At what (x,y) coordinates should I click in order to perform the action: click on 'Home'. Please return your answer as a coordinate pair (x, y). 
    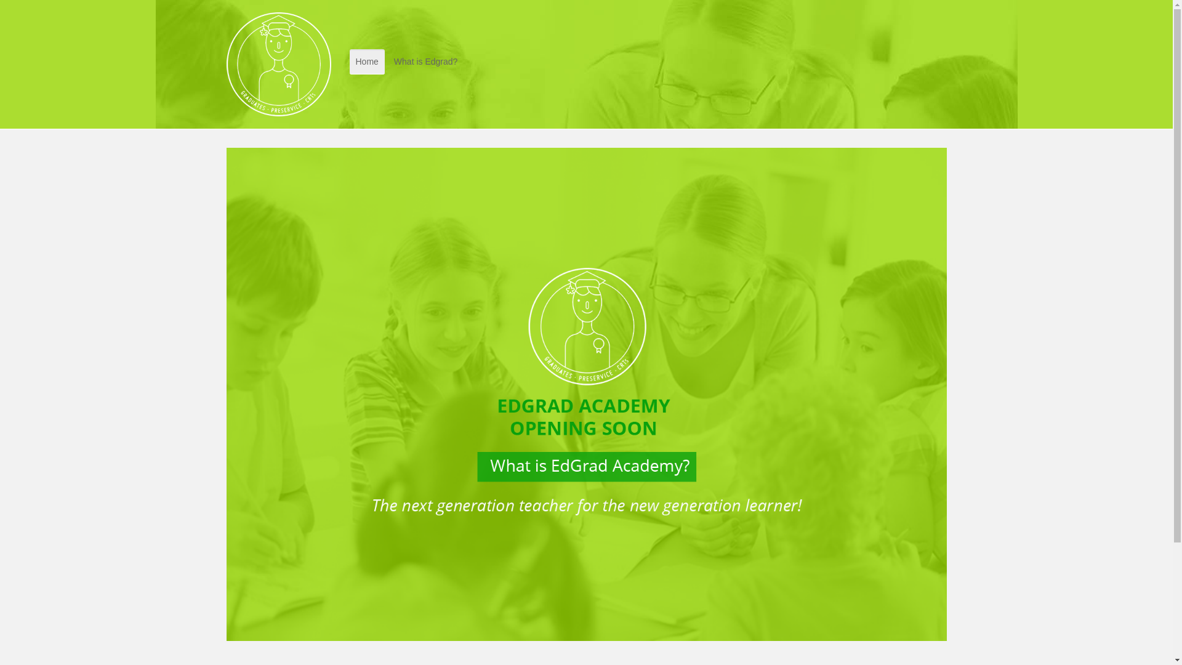
    Looking at the image, I should click on (366, 62).